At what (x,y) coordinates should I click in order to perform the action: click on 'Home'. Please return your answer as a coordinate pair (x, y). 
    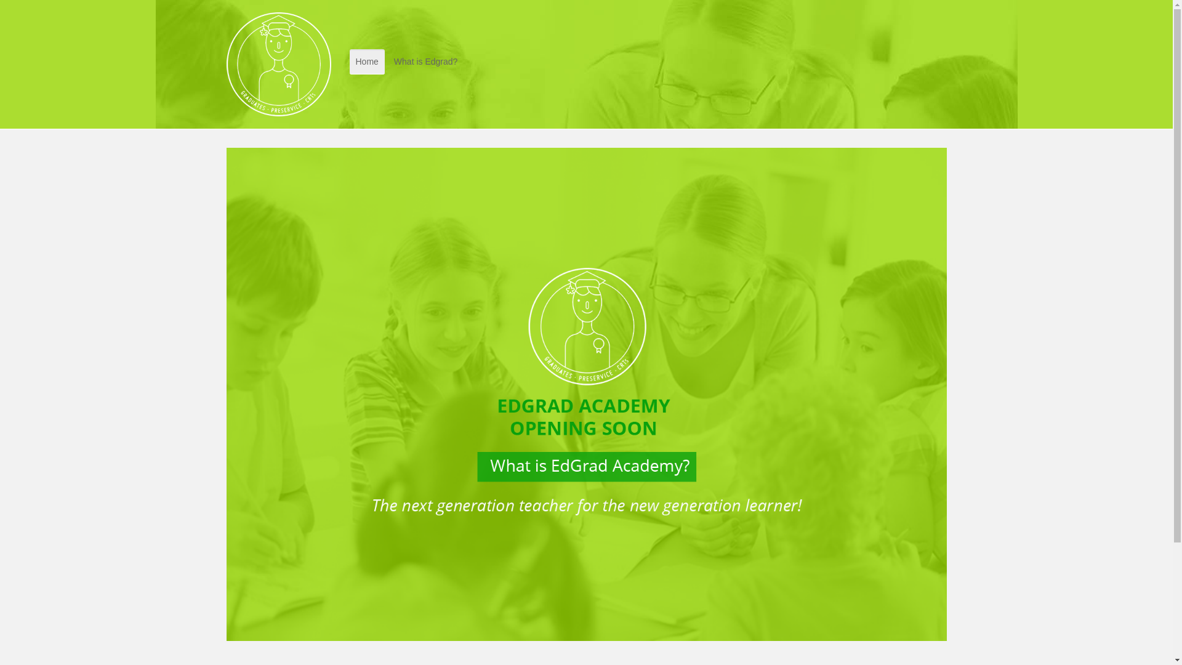
    Looking at the image, I should click on (366, 62).